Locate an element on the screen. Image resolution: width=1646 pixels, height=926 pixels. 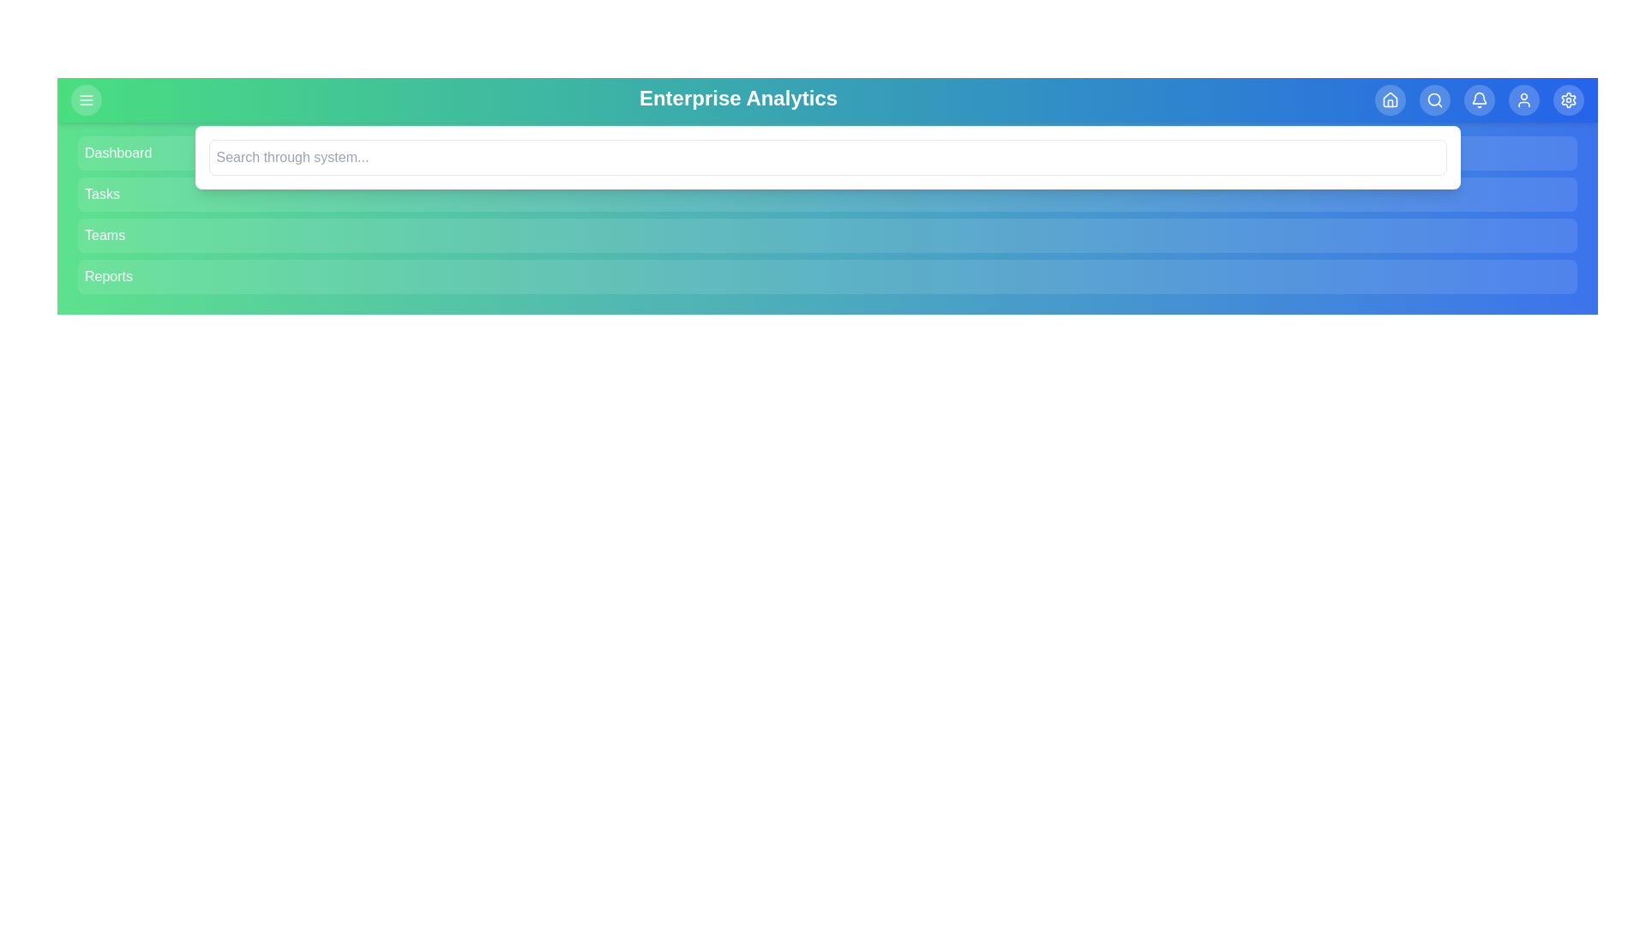
the Settings button in the header is located at coordinates (1568, 99).